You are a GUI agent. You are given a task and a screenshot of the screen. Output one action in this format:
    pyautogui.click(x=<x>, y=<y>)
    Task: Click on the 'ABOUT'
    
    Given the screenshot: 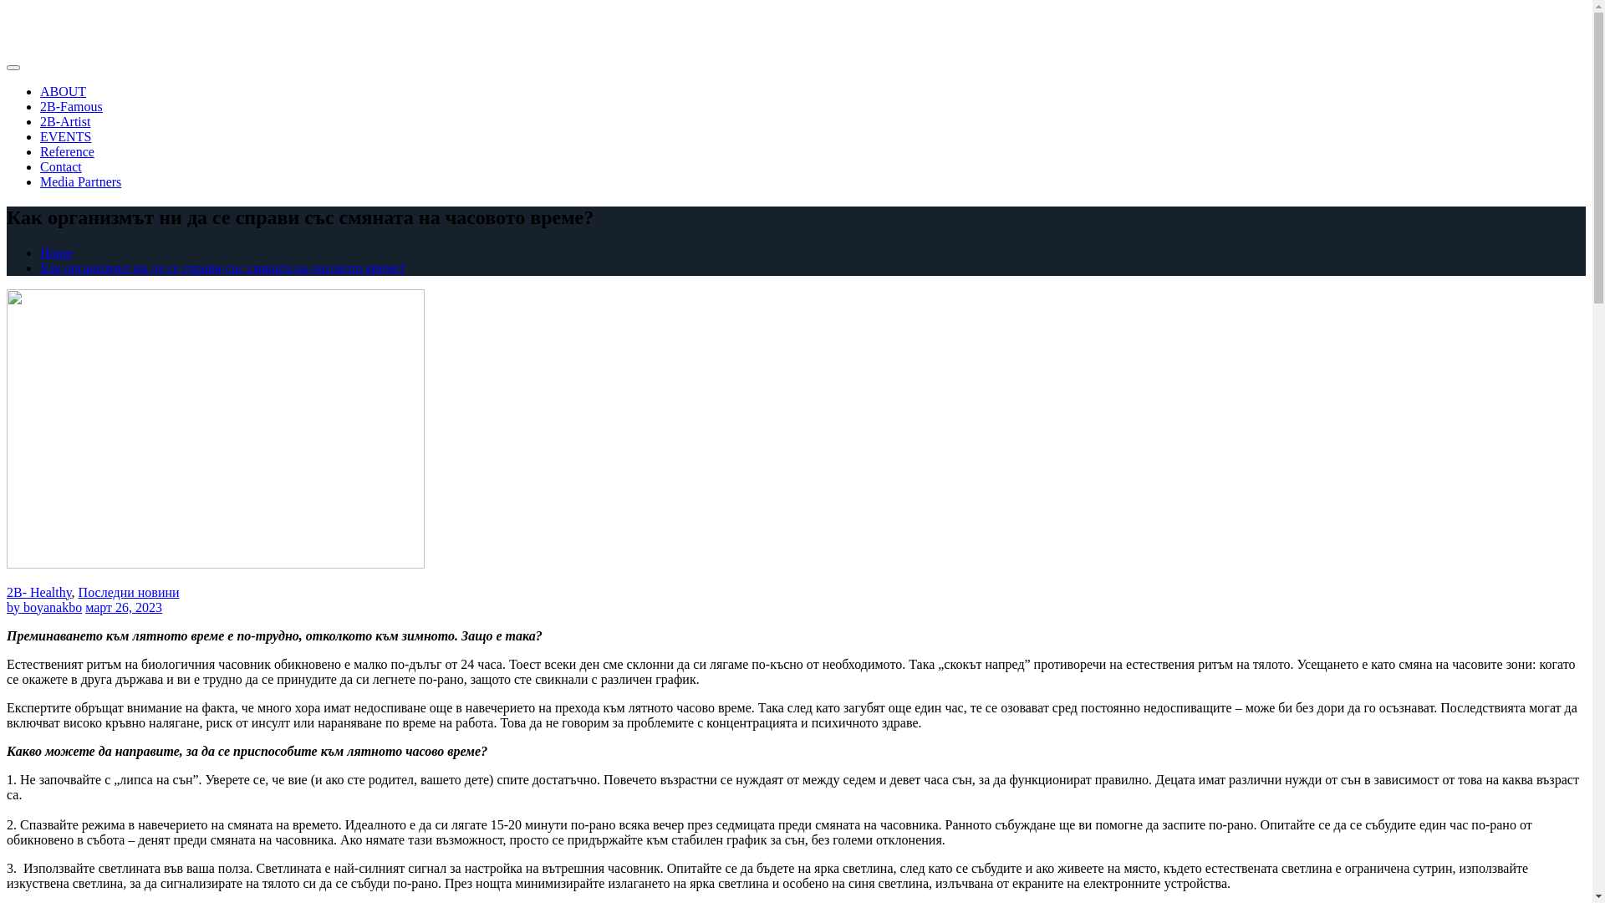 What is the action you would take?
    pyautogui.click(x=40, y=91)
    